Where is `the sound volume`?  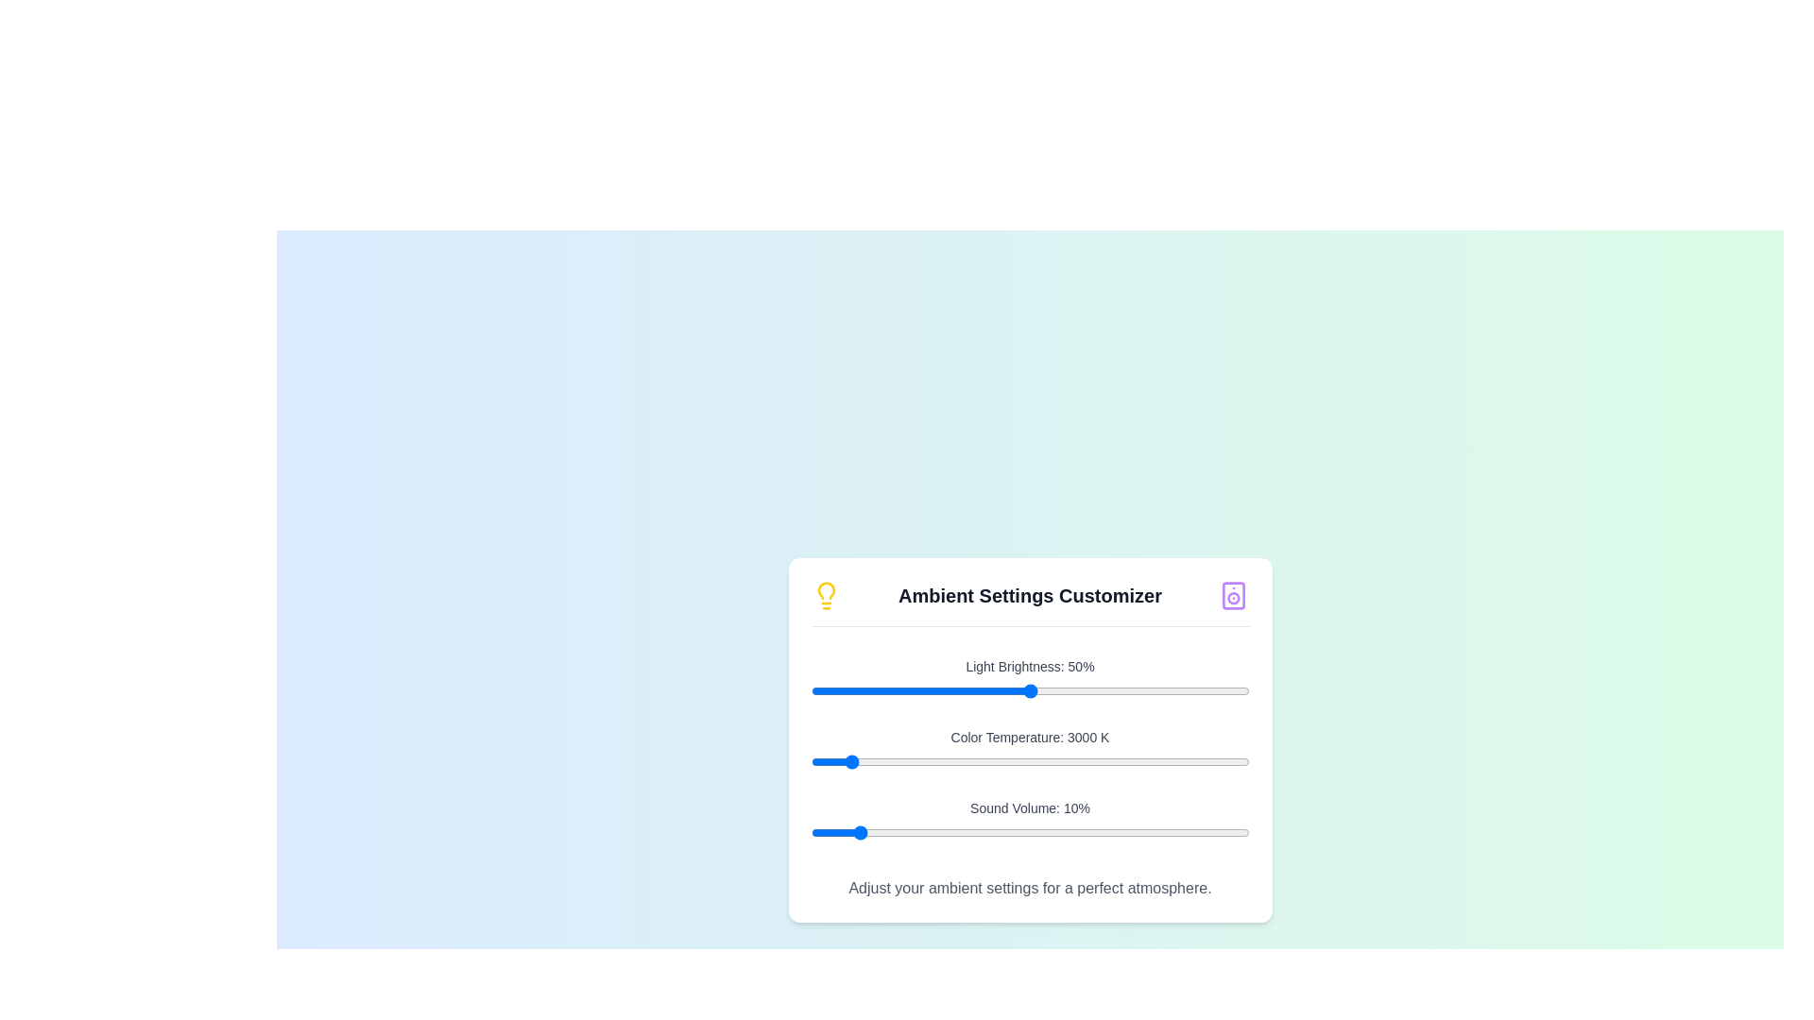 the sound volume is located at coordinates (942, 832).